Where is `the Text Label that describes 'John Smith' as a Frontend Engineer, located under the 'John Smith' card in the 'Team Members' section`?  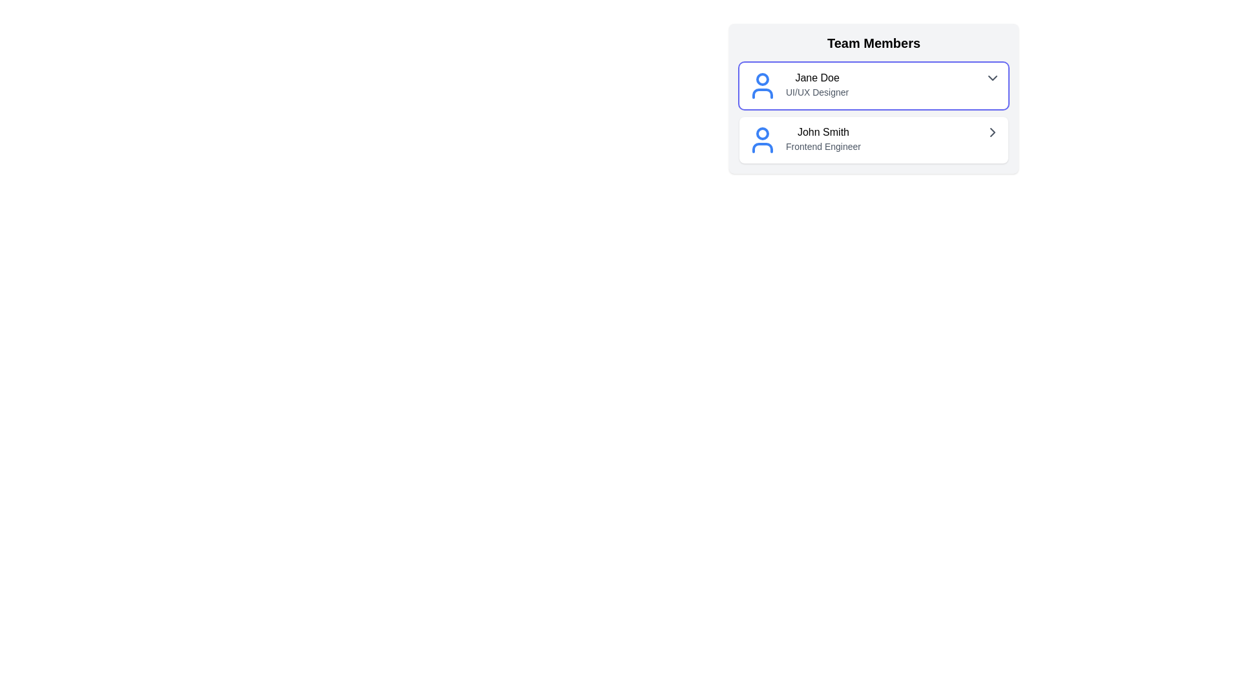 the Text Label that describes 'John Smith' as a Frontend Engineer, located under the 'John Smith' card in the 'Team Members' section is located at coordinates (822, 146).